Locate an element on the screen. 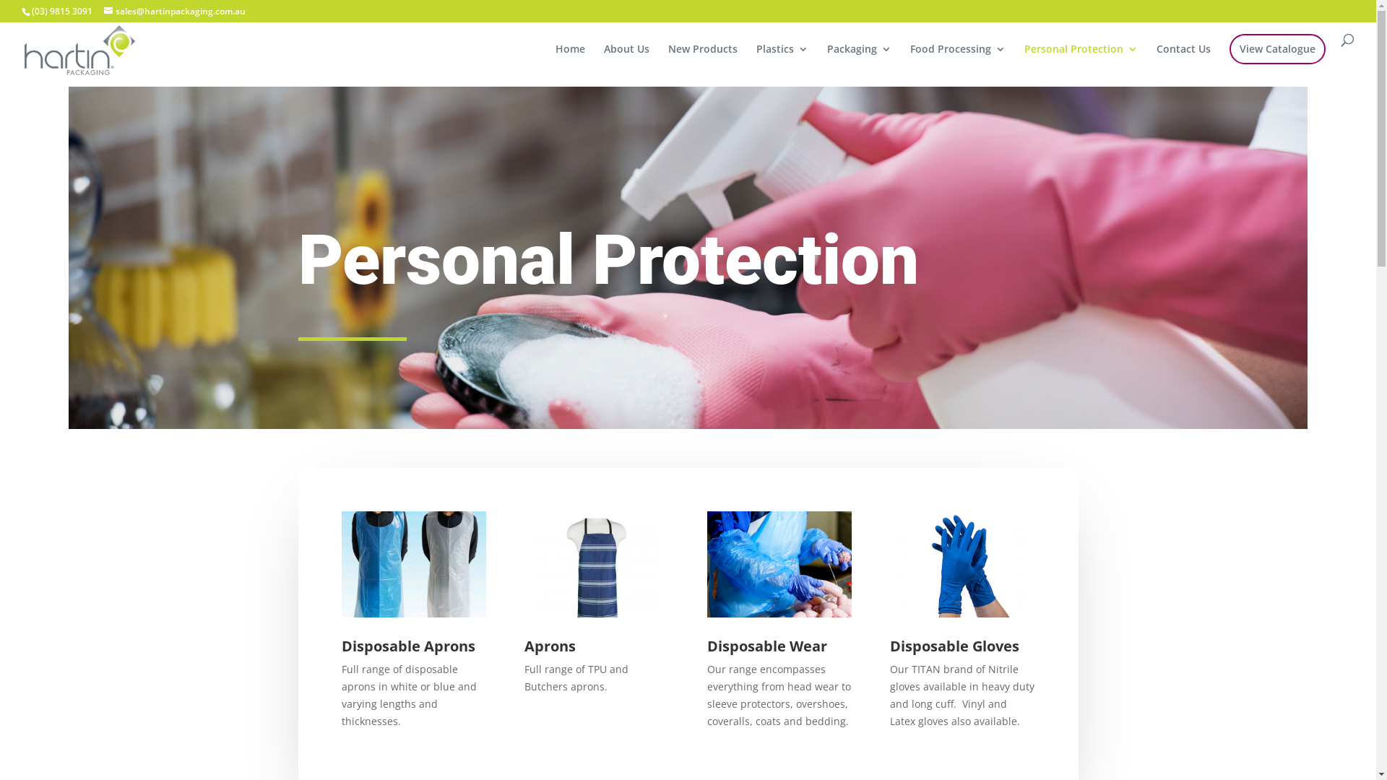 This screenshot has width=1387, height=780. 'Home' is located at coordinates (569, 60).